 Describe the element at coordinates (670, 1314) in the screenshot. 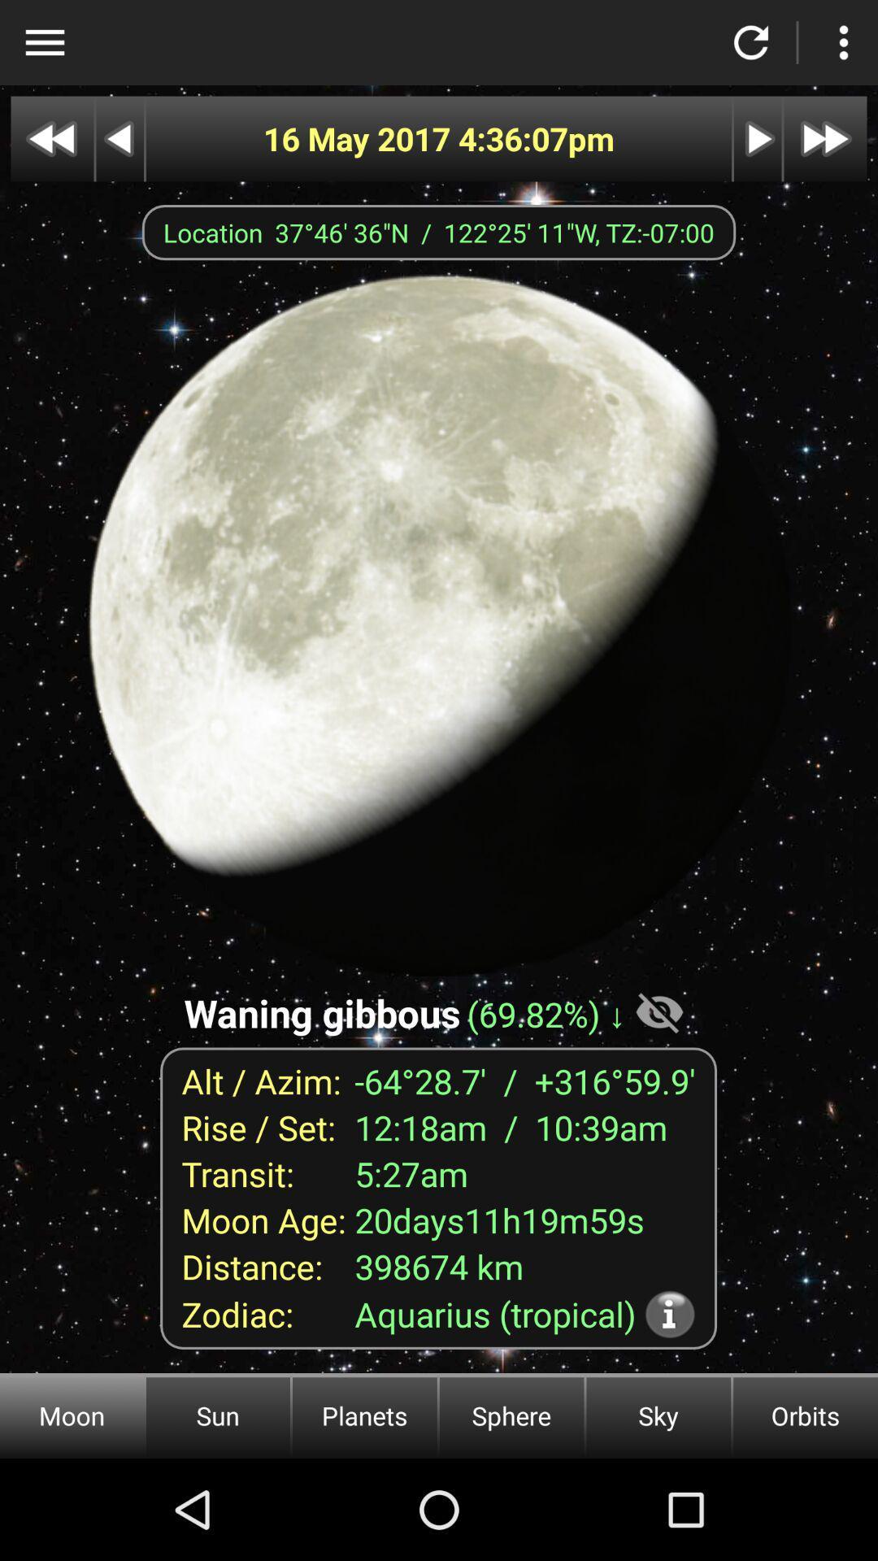

I see `icon above sky item` at that location.